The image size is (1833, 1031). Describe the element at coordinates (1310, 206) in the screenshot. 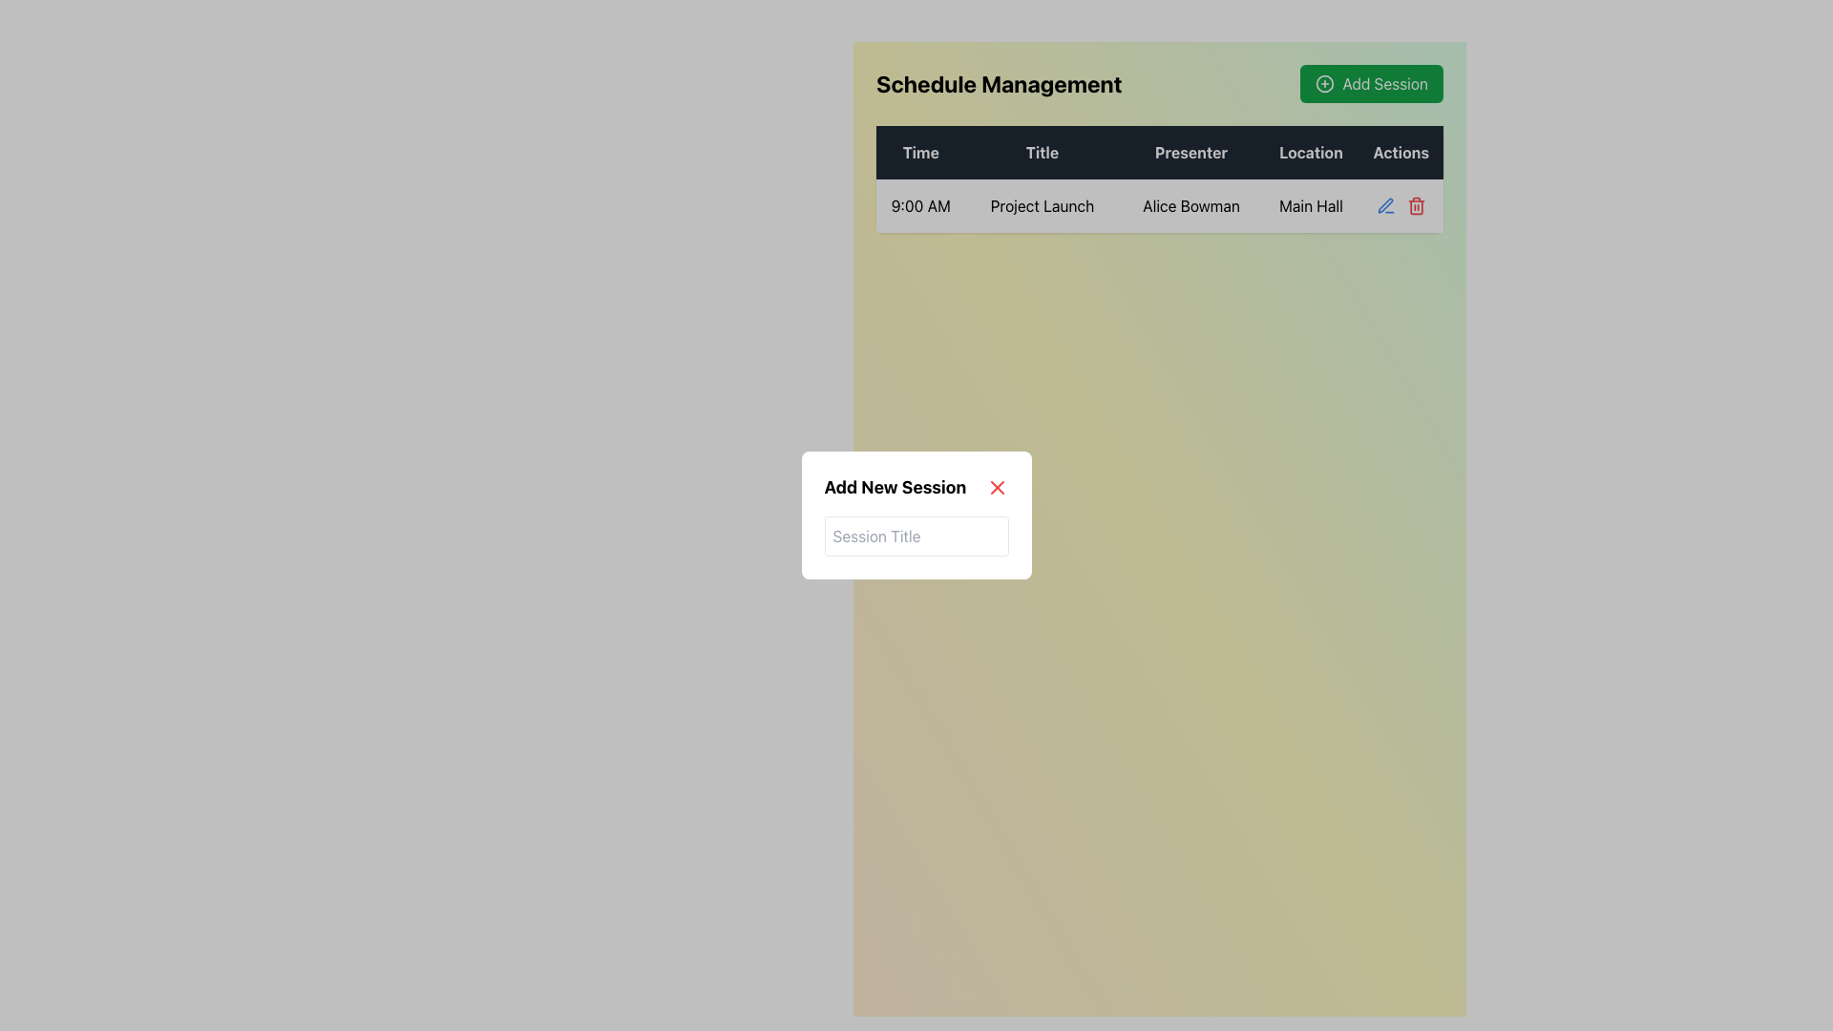

I see `the 'Main Hall' label in the schedule table, which is the fourth element in the same row as '9:00 AM', 'Project Launch', and 'Alice Bowman'` at that location.